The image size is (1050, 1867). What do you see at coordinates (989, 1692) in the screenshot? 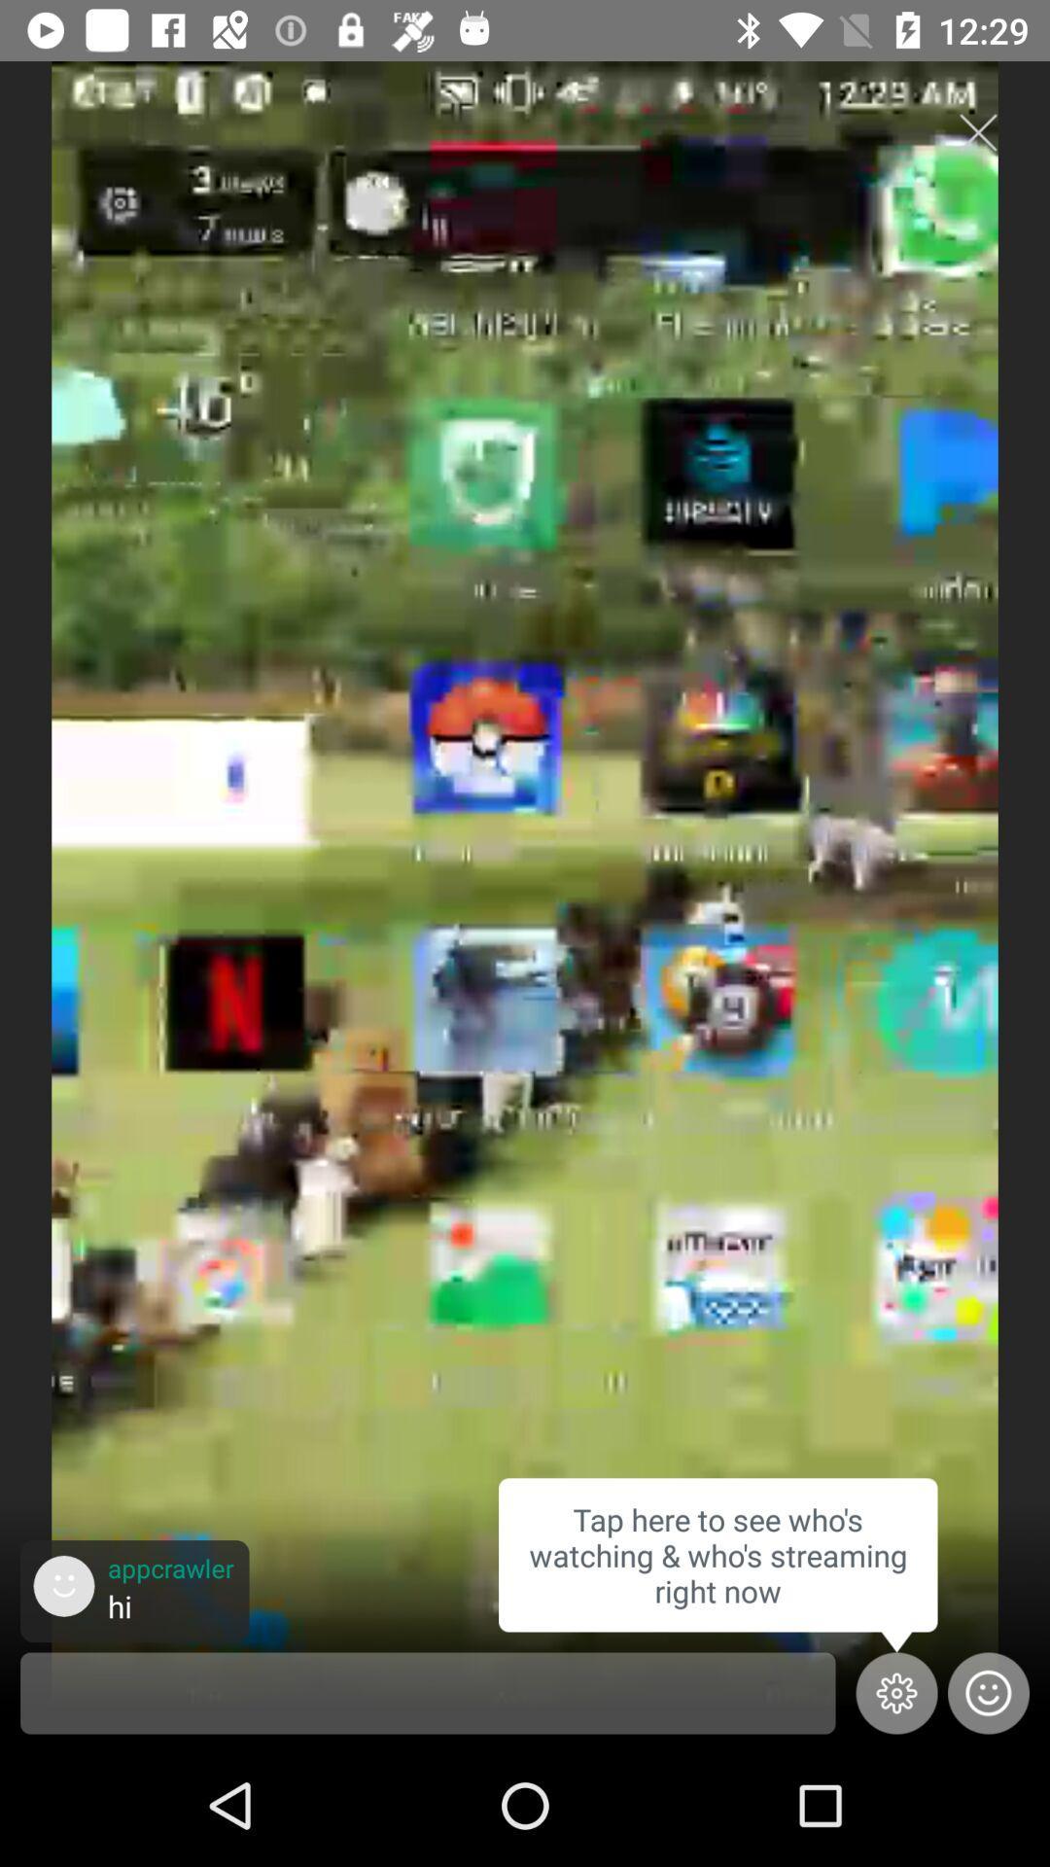
I see `the emoji icon` at bounding box center [989, 1692].